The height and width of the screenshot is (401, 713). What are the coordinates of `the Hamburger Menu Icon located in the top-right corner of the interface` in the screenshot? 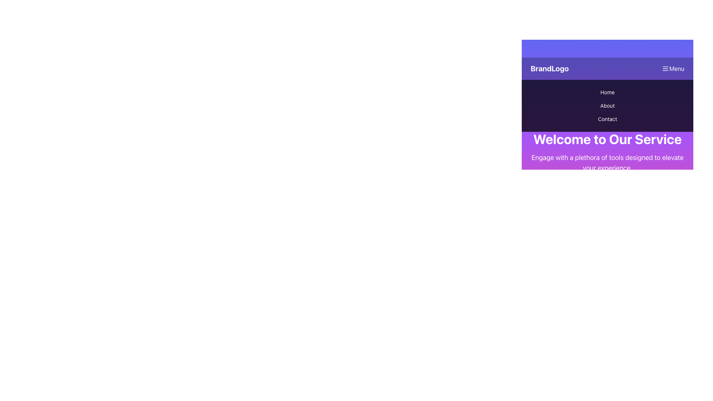 It's located at (665, 69).